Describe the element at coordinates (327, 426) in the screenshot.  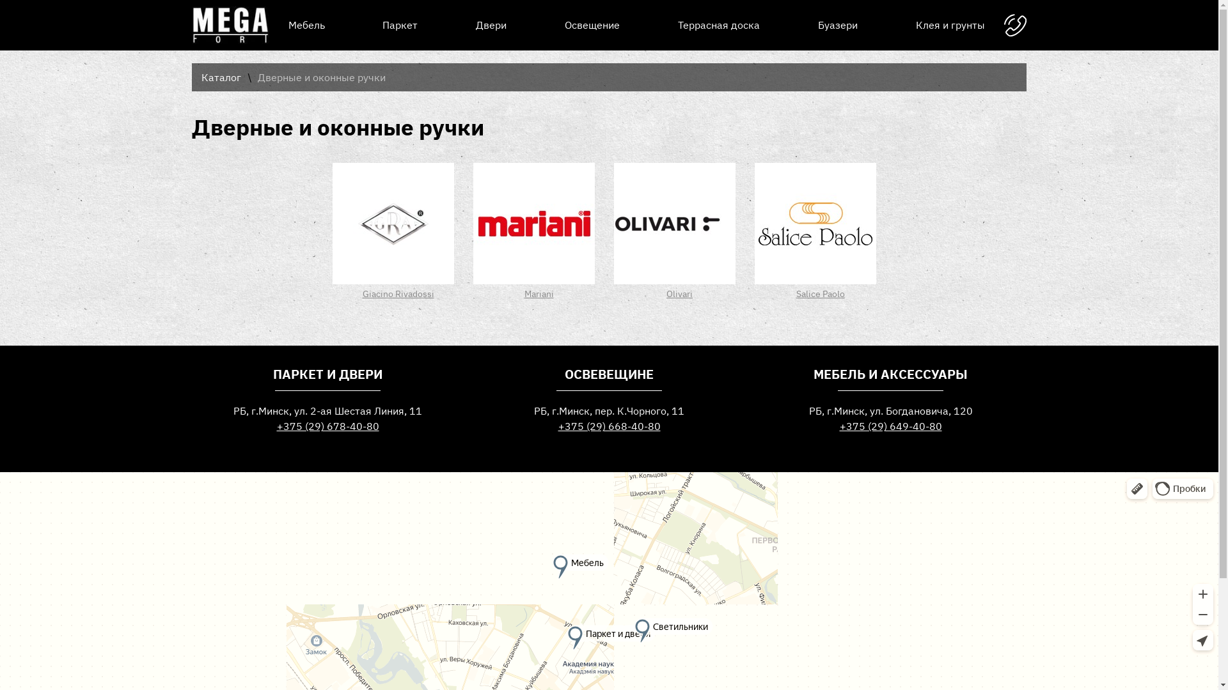
I see `'+375 (29) 678-40-80'` at that location.